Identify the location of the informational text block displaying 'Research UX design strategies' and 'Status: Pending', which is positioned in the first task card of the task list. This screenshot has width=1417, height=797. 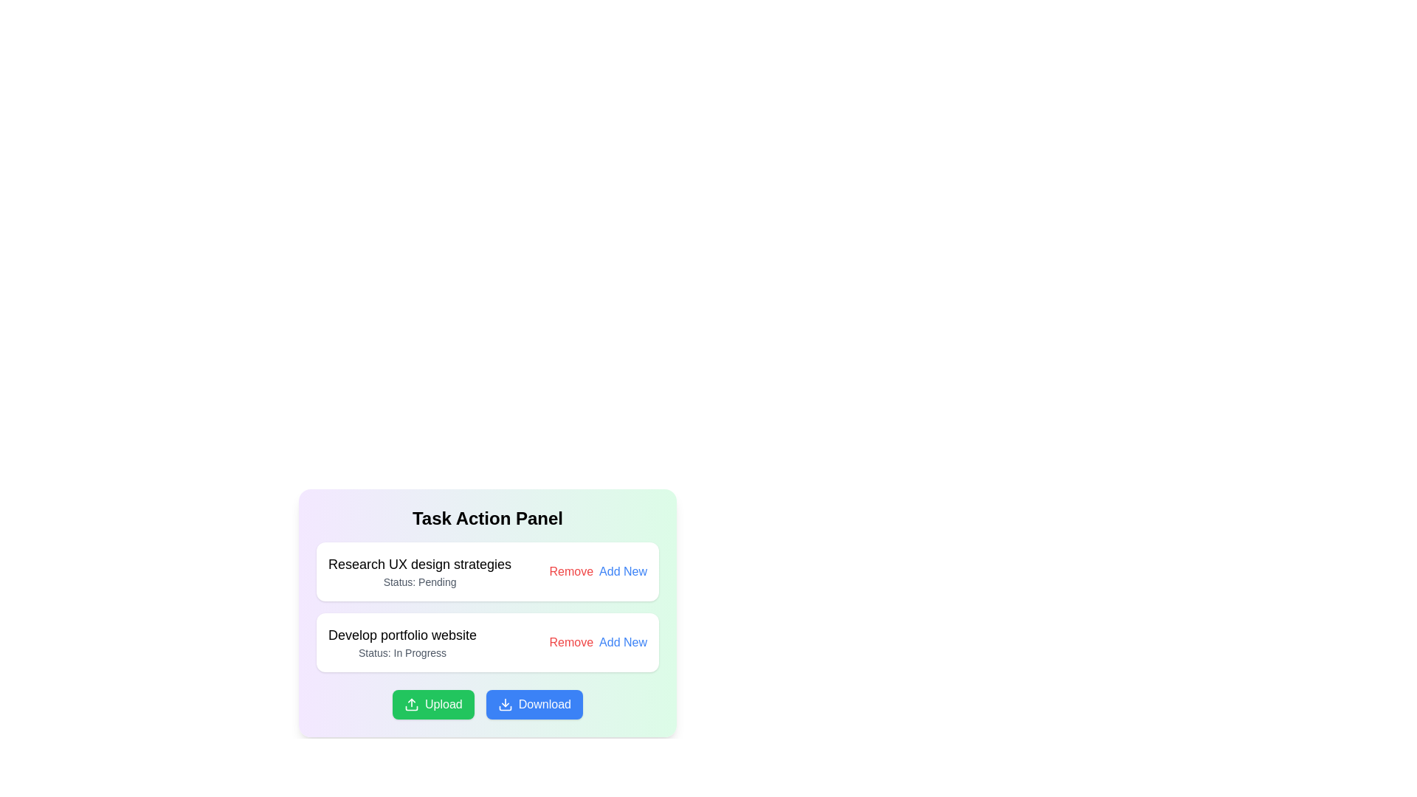
(419, 571).